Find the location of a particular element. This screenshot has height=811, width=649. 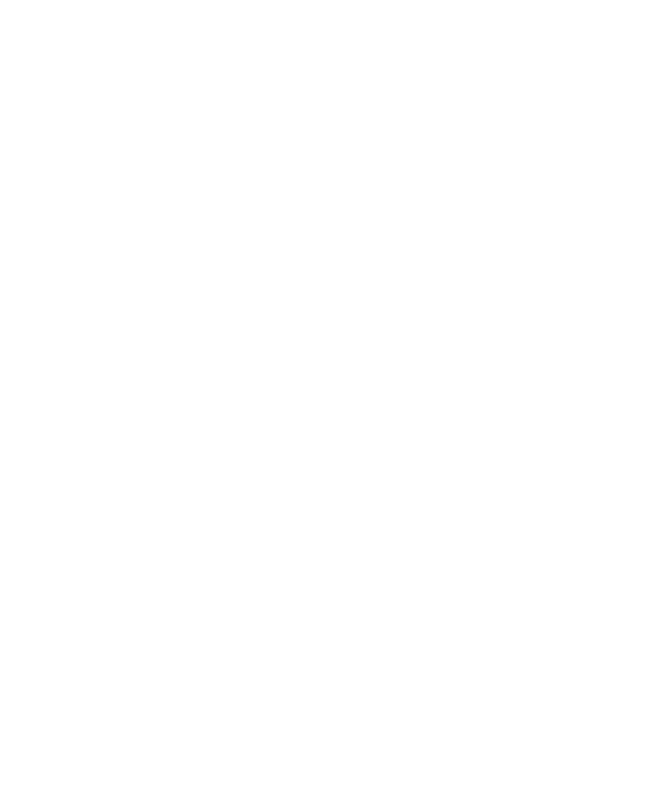

'JH Audio’s new Pearl Tri Amp Micro Speaker Management System is available with its new Ruby IEMs.' is located at coordinates (288, 680).